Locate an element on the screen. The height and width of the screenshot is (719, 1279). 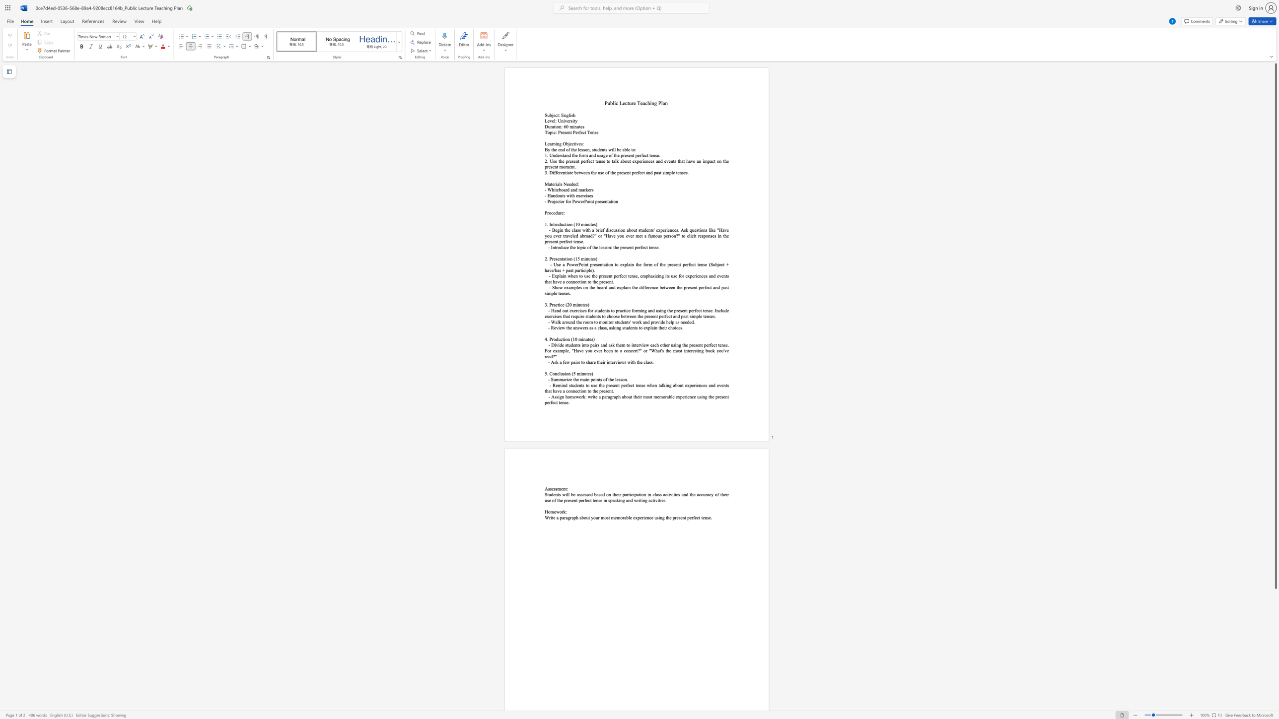
the subset text "fect a" within the text "- Show examples on the board and explain the difference between the present perfect and past simple tenses." is located at coordinates (705, 287).